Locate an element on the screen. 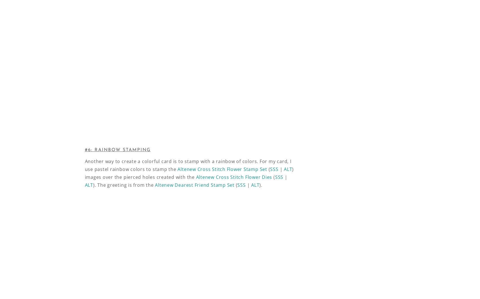  ') images over the pierced holes created with the' is located at coordinates (85, 173).